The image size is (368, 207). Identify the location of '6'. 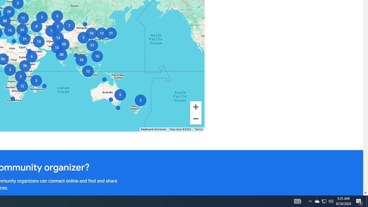
(31, 56).